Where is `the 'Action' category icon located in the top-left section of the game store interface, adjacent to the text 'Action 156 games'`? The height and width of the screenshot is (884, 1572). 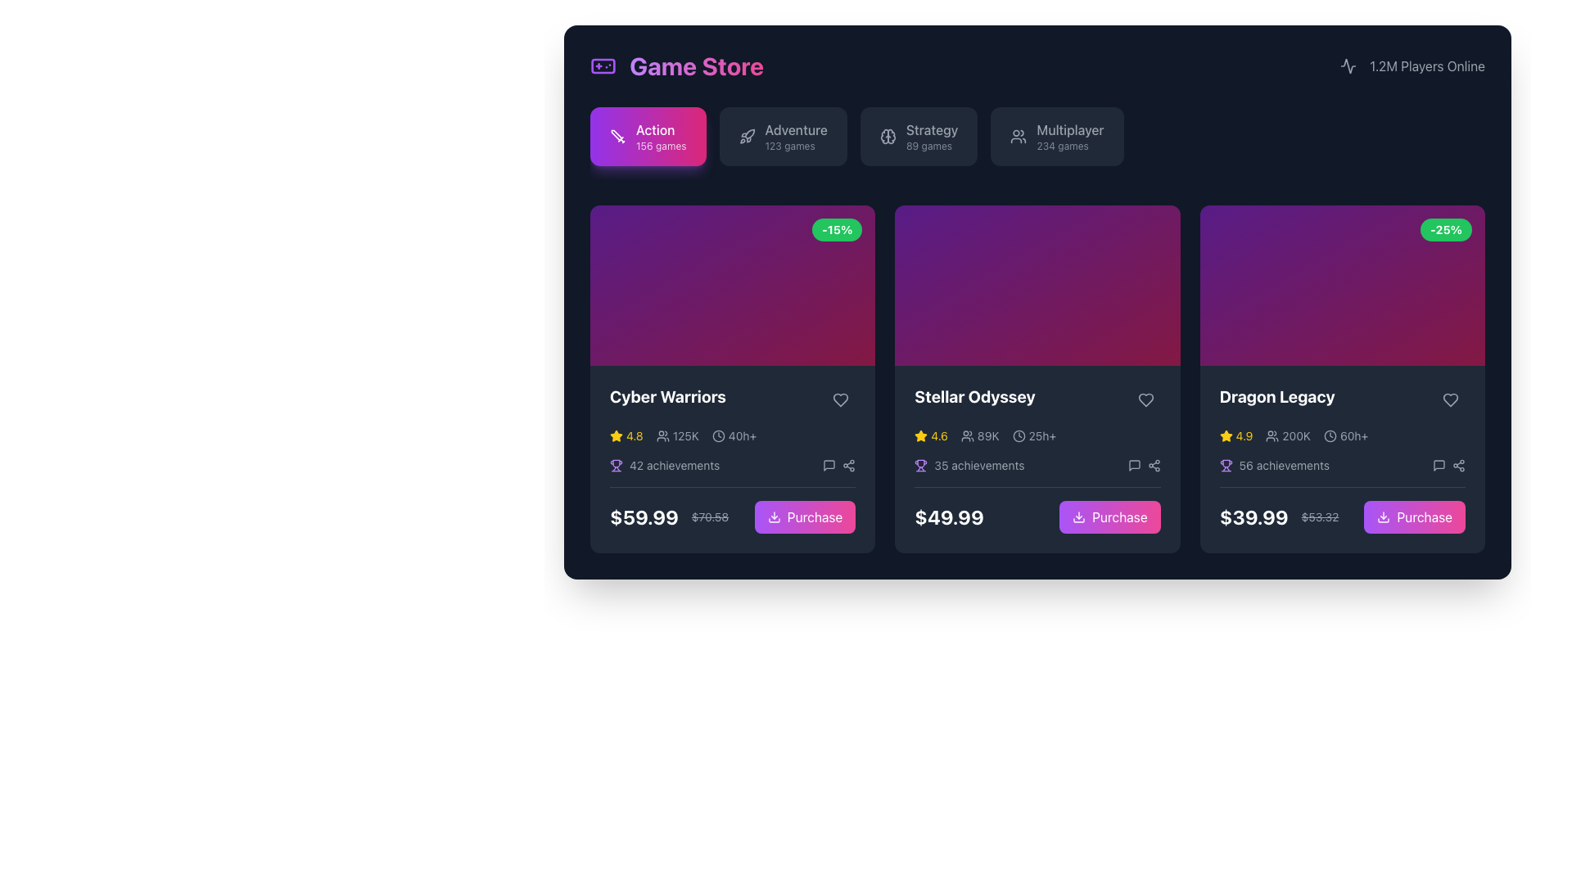
the 'Action' category icon located in the top-left section of the game store interface, adjacent to the text 'Action 156 games' is located at coordinates (617, 135).